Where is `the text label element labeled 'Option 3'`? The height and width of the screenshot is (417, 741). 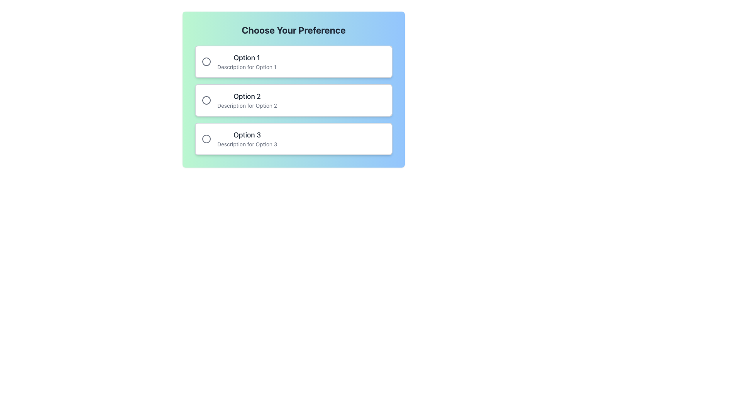
the text label element labeled 'Option 3' is located at coordinates (239, 138).